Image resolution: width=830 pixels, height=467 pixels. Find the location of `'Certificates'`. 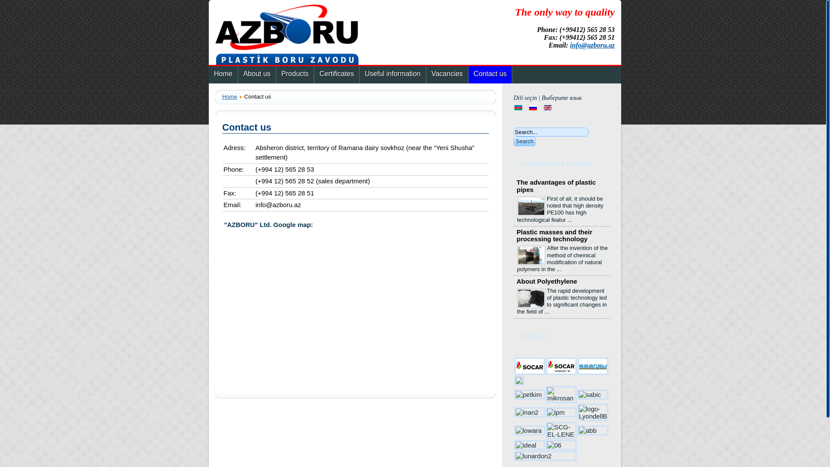

'Certificates' is located at coordinates (313, 74).